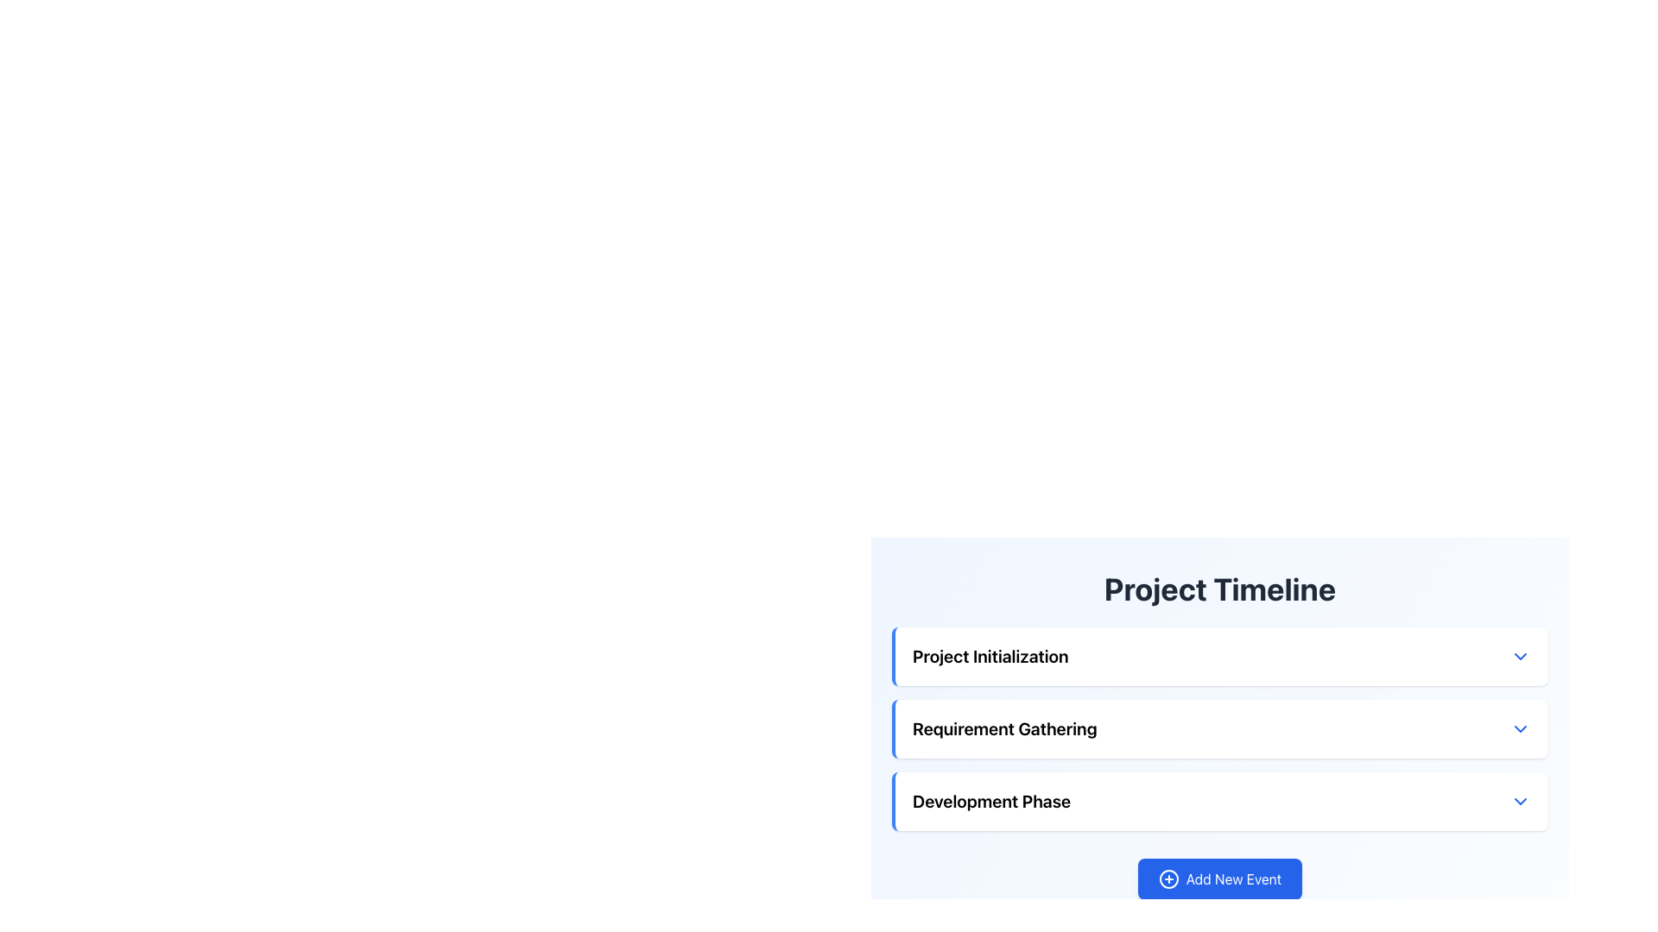 This screenshot has height=932, width=1658. Describe the element at coordinates (1168, 878) in the screenshot. I see `the decorative icon of the 'Add New Event' button, which is represented by a small circular graphic located in the lower-right corner of the interface` at that location.